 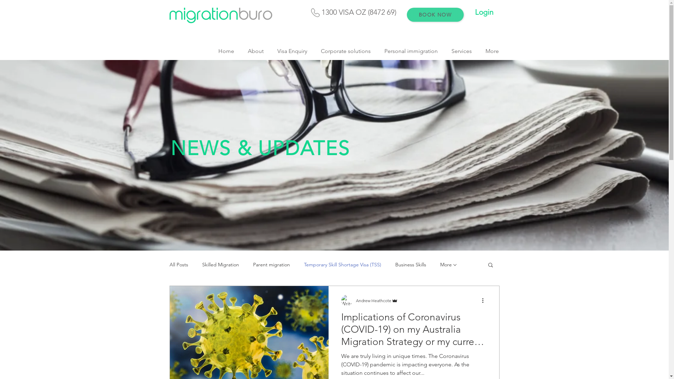 I want to click on 'Services', so click(x=461, y=51).